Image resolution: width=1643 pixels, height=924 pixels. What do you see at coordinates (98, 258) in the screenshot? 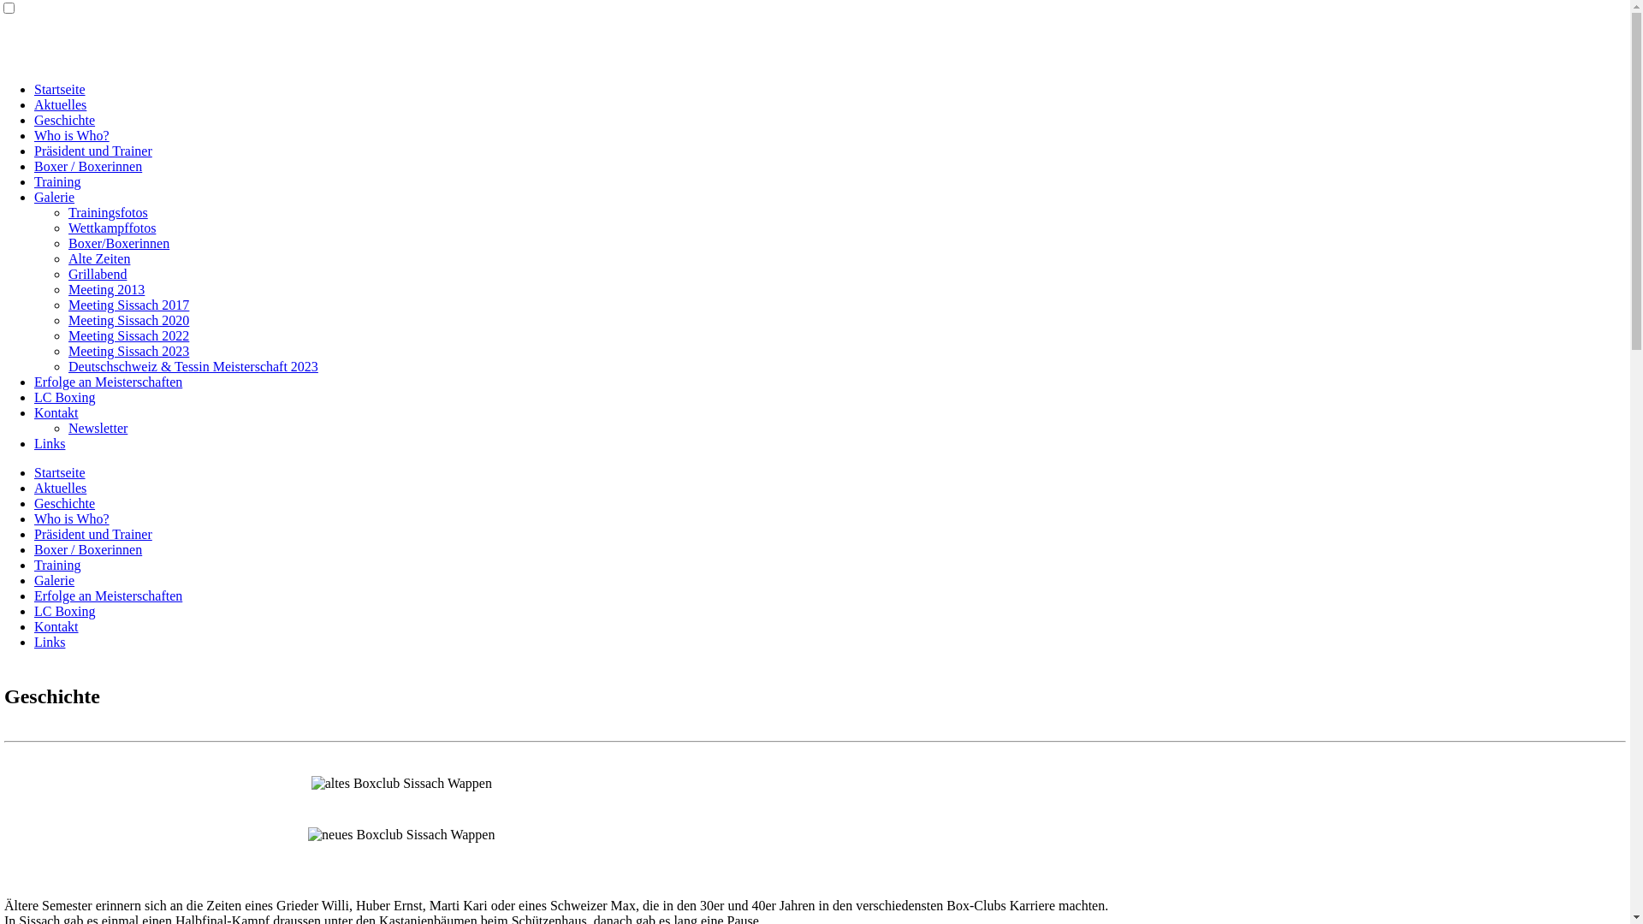
I see `'Alte Zeiten'` at bounding box center [98, 258].